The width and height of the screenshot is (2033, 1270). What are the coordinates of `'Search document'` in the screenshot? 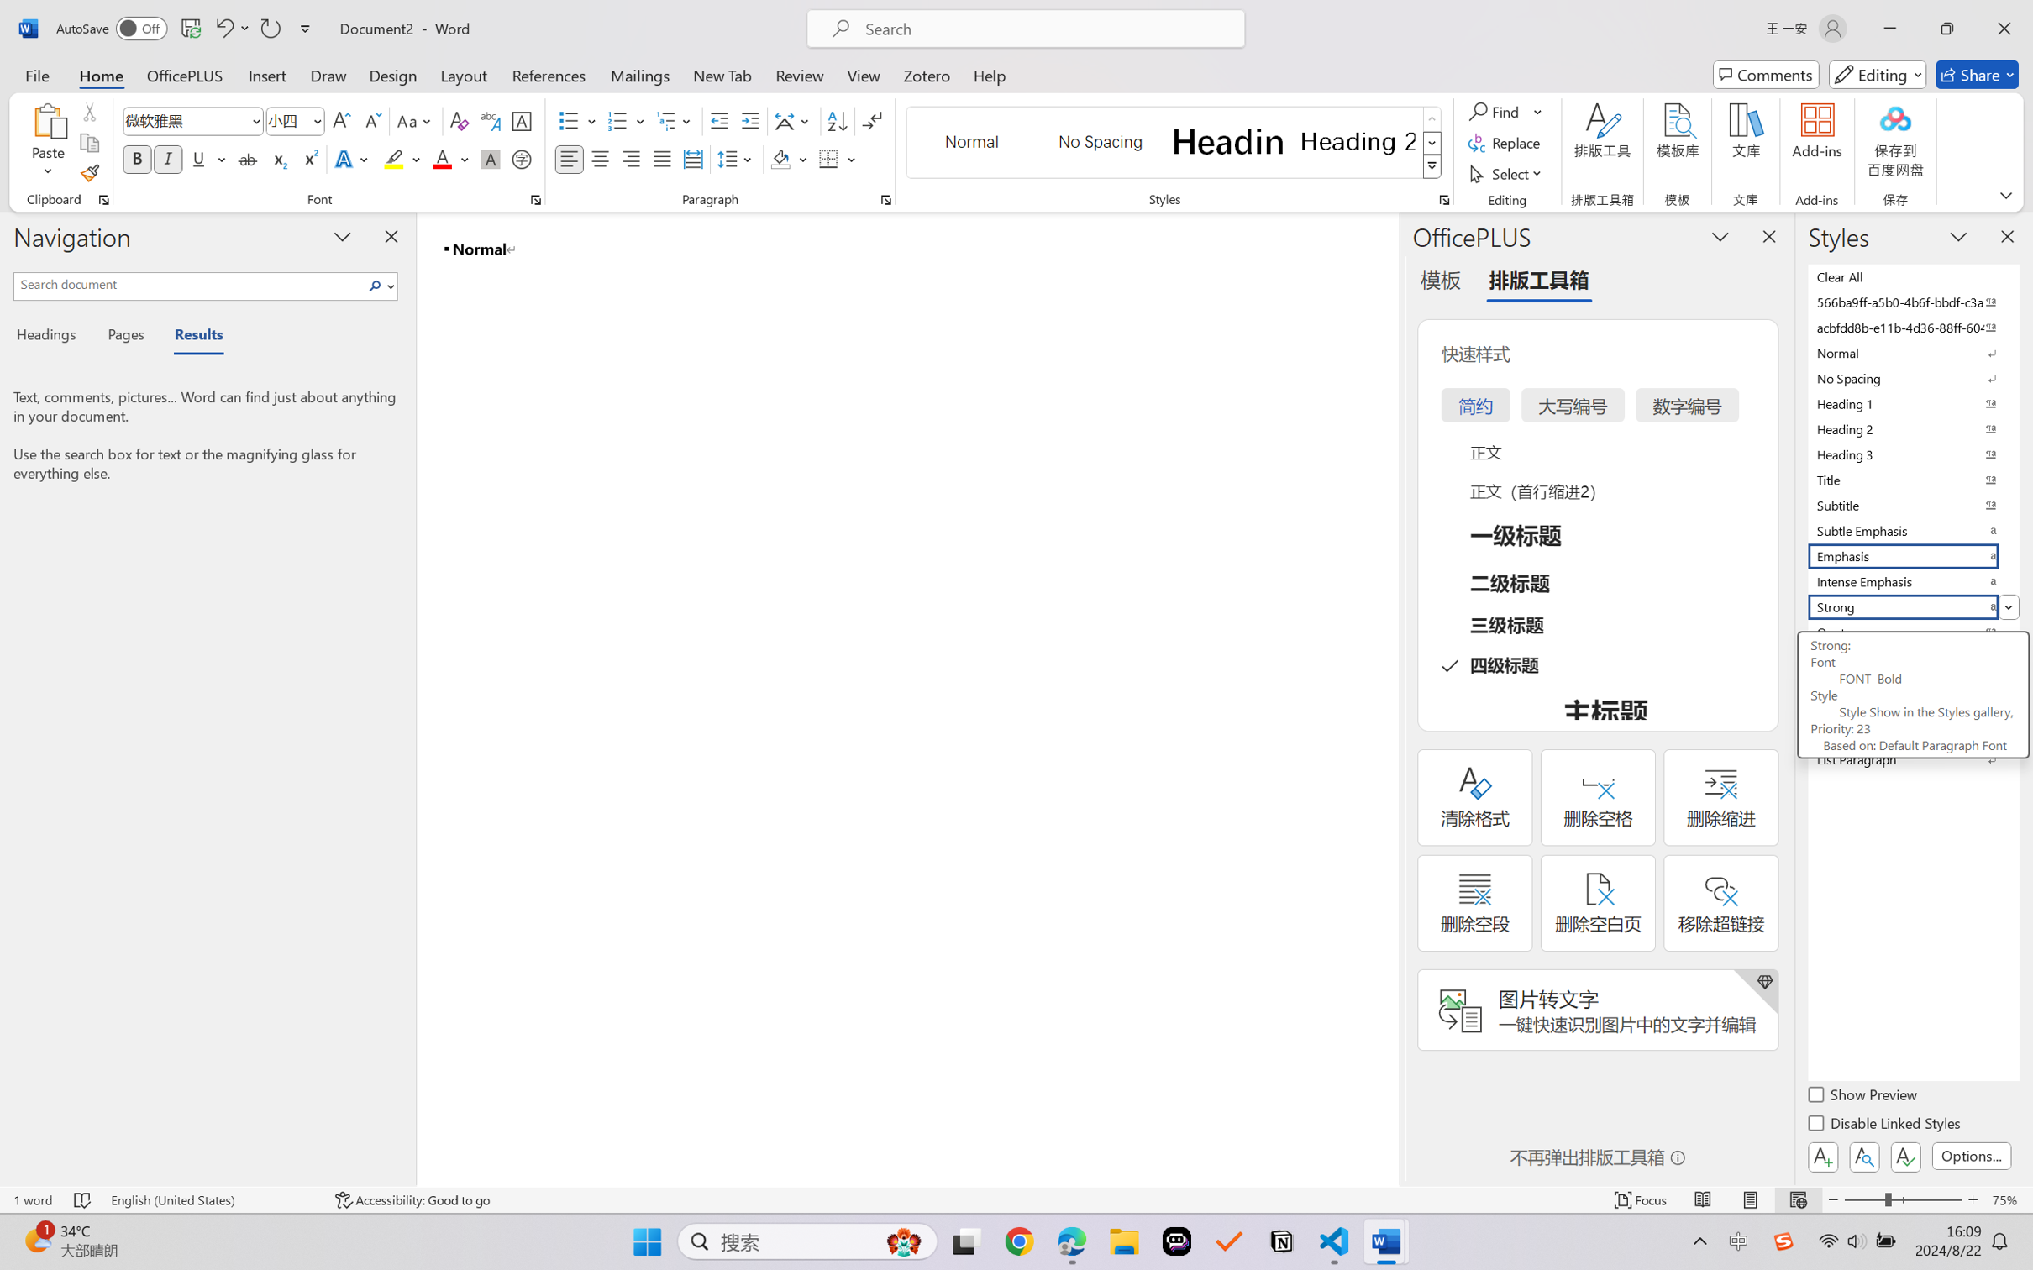 It's located at (189, 283).